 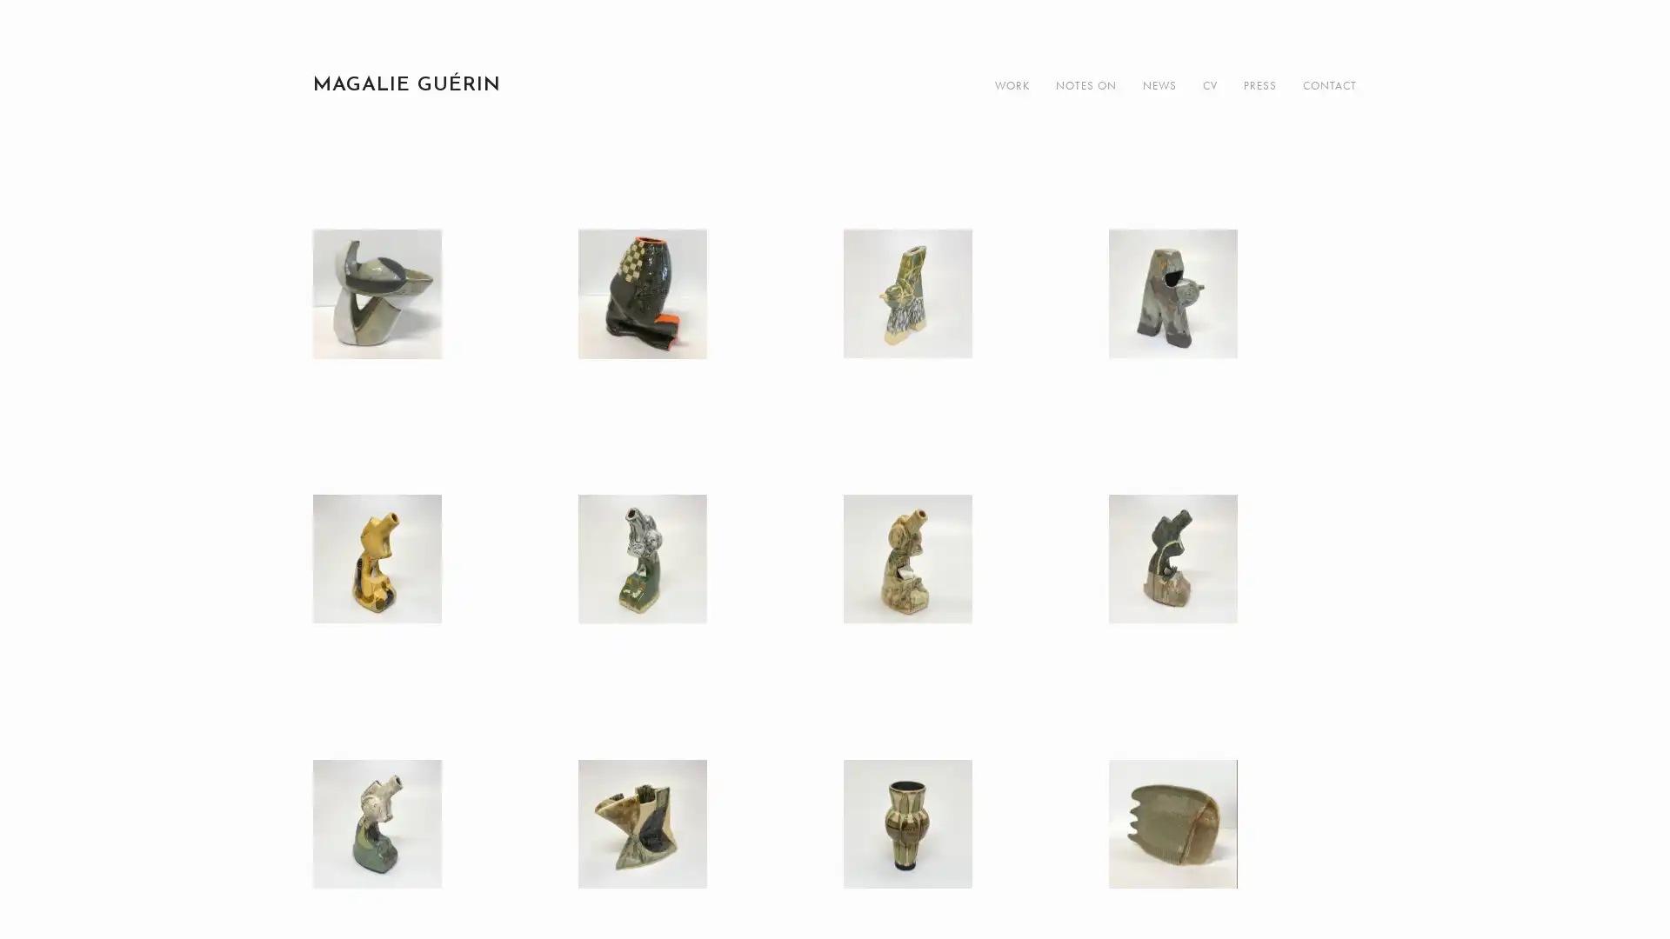 I want to click on View fullsize IMG_4416.JPG, so click(x=702, y=352).